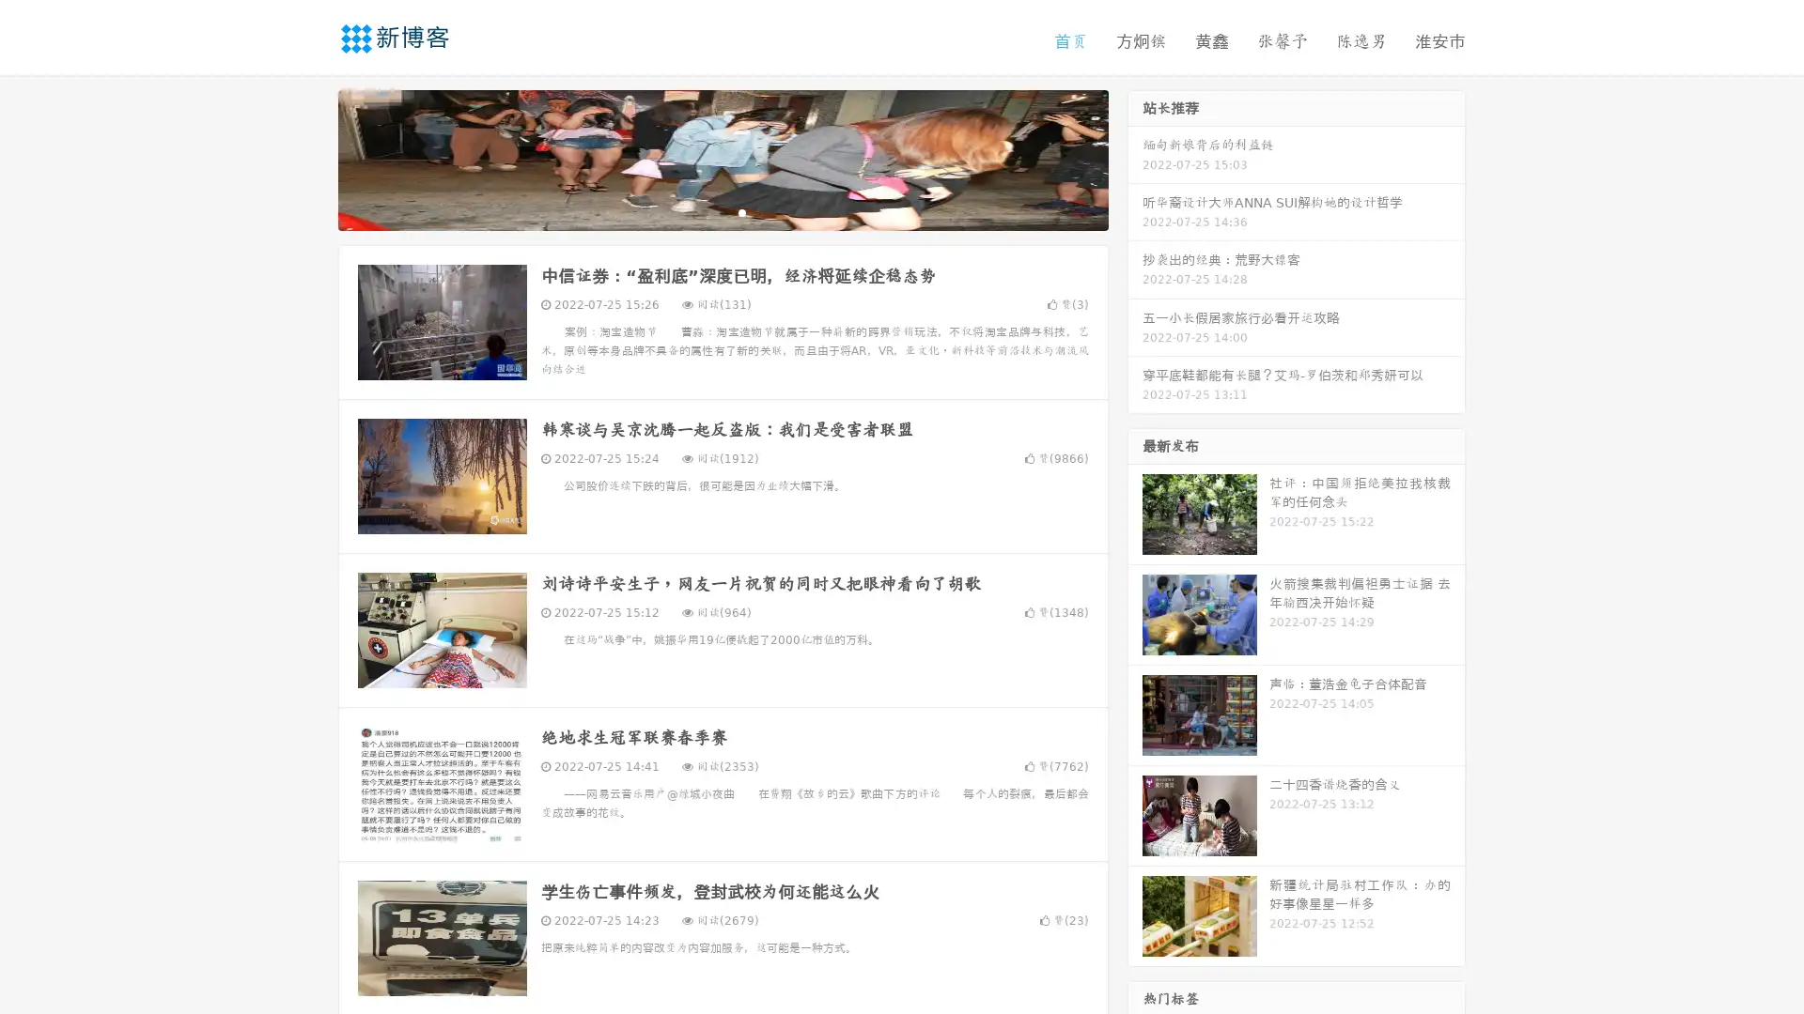 The width and height of the screenshot is (1804, 1014). What do you see at coordinates (703, 211) in the screenshot?
I see `Go to slide 1` at bounding box center [703, 211].